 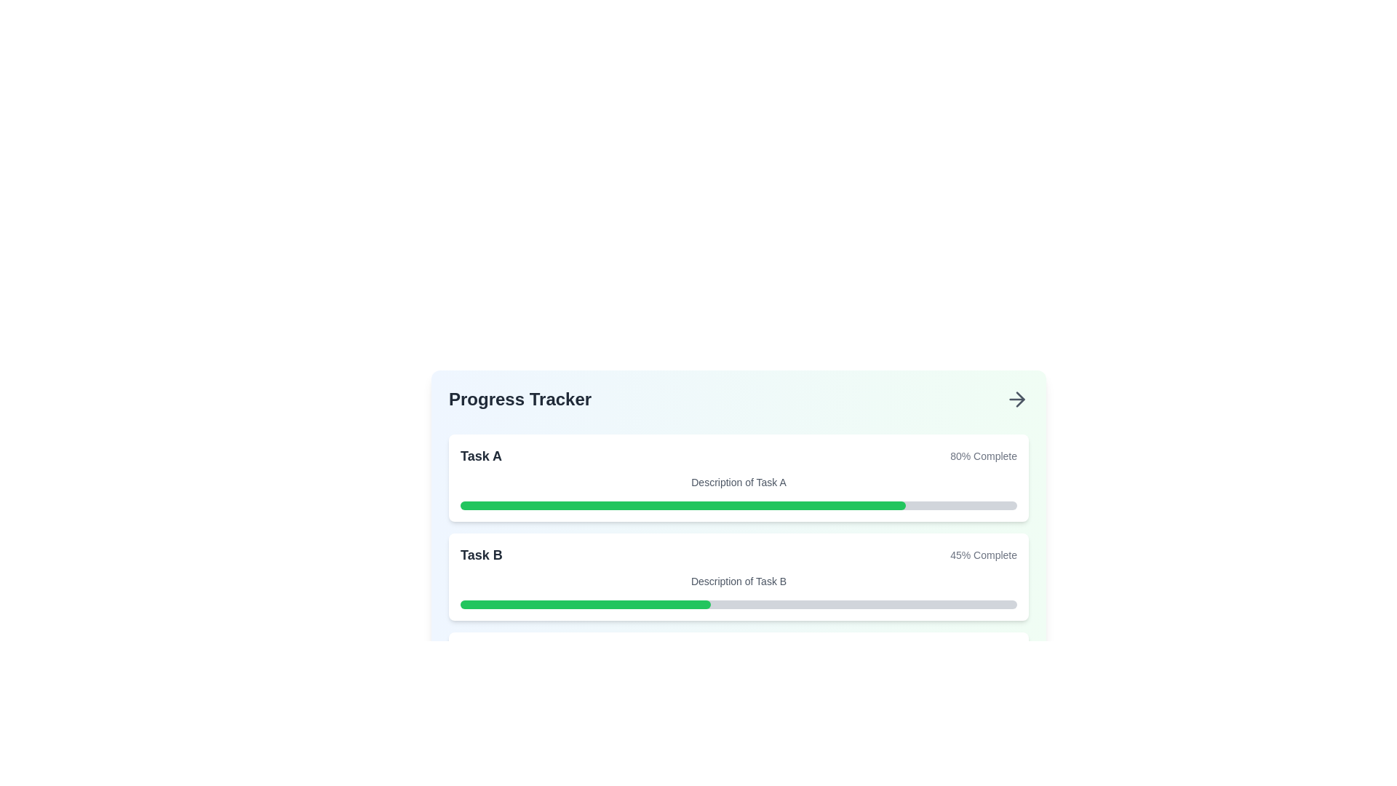 What do you see at coordinates (739, 580) in the screenshot?
I see `the text label providing details about 'Task B', located below the title and above the progress bar` at bounding box center [739, 580].